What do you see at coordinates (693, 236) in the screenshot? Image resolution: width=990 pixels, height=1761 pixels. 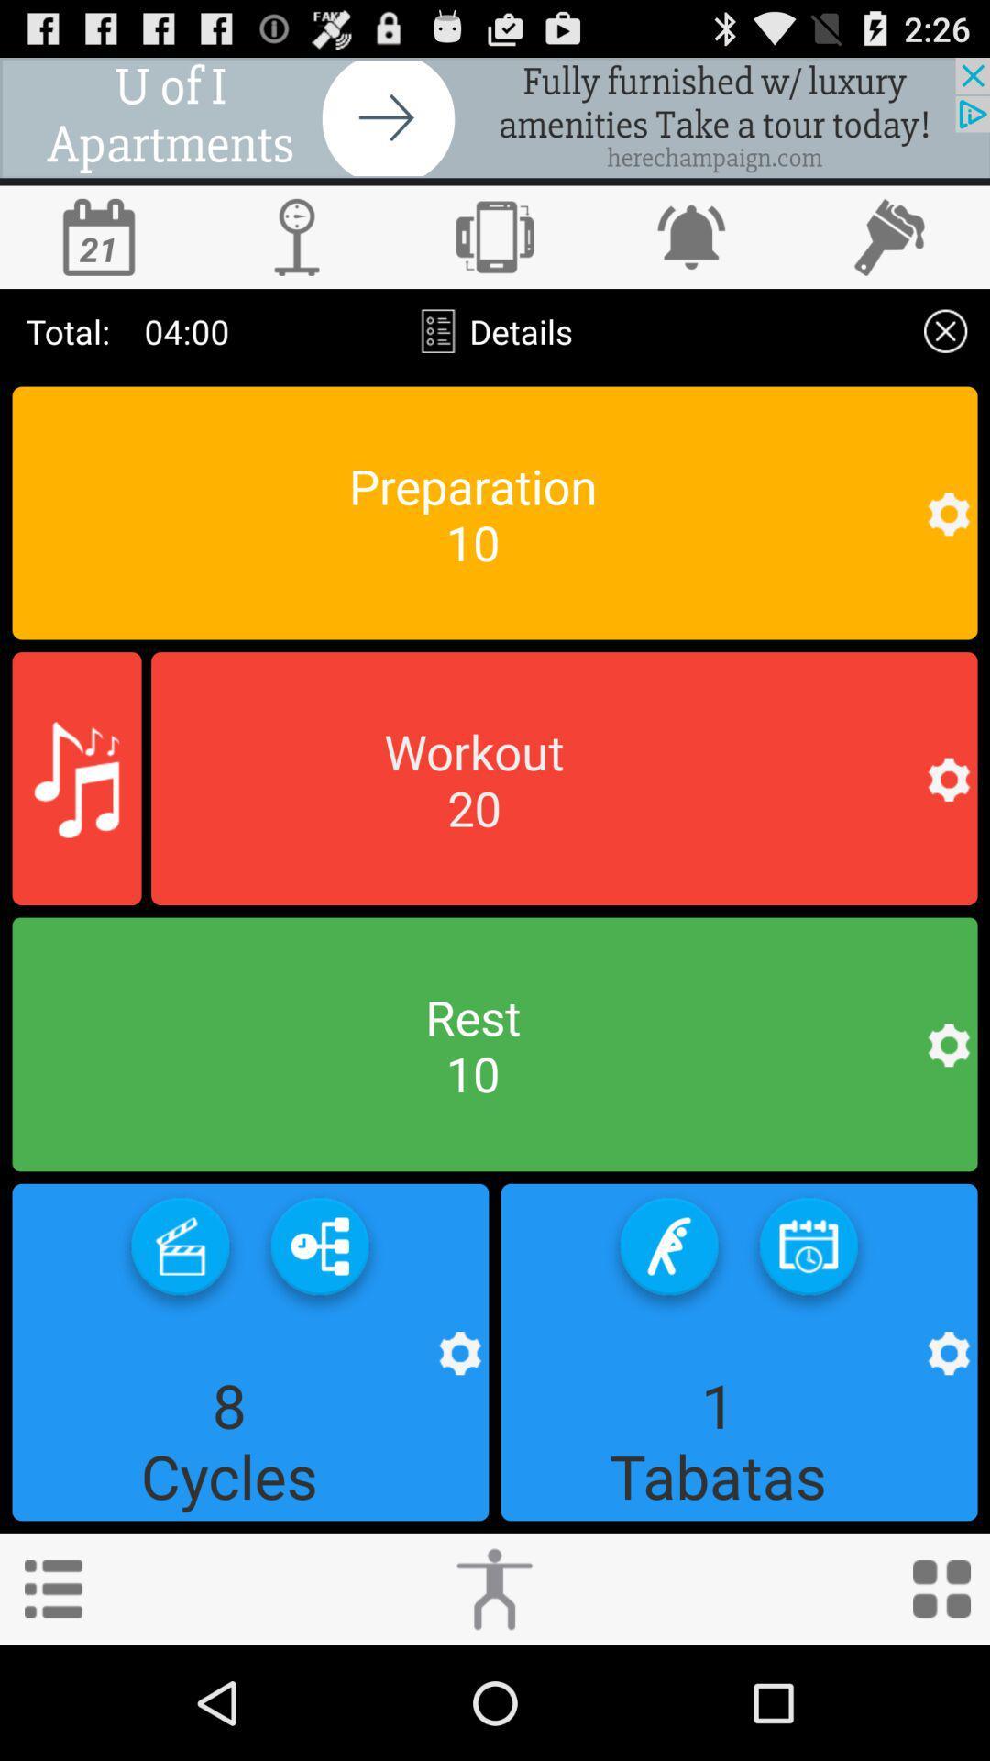 I see `bell` at bounding box center [693, 236].